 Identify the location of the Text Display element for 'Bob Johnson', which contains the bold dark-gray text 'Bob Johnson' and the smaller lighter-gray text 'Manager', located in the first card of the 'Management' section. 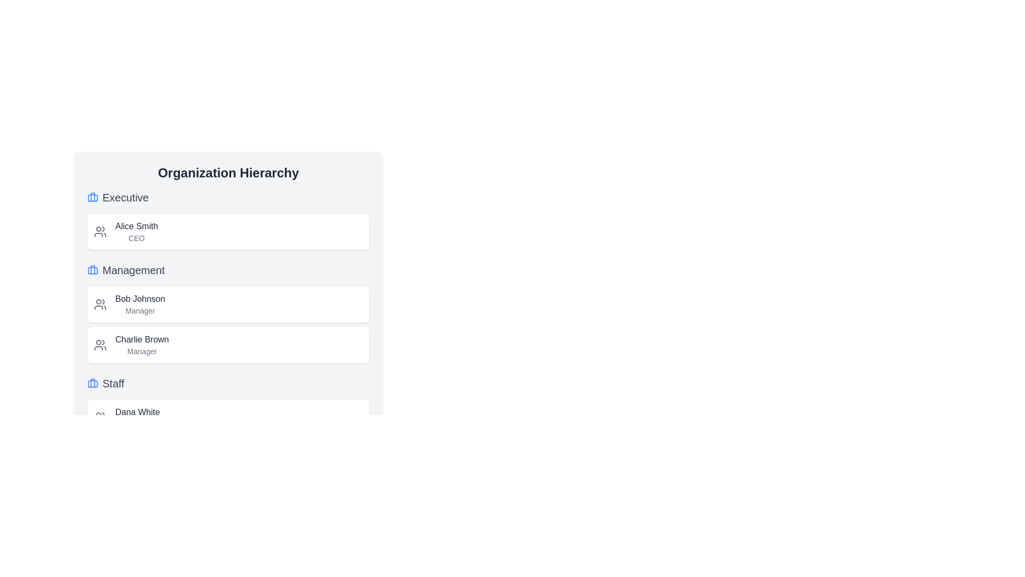
(139, 305).